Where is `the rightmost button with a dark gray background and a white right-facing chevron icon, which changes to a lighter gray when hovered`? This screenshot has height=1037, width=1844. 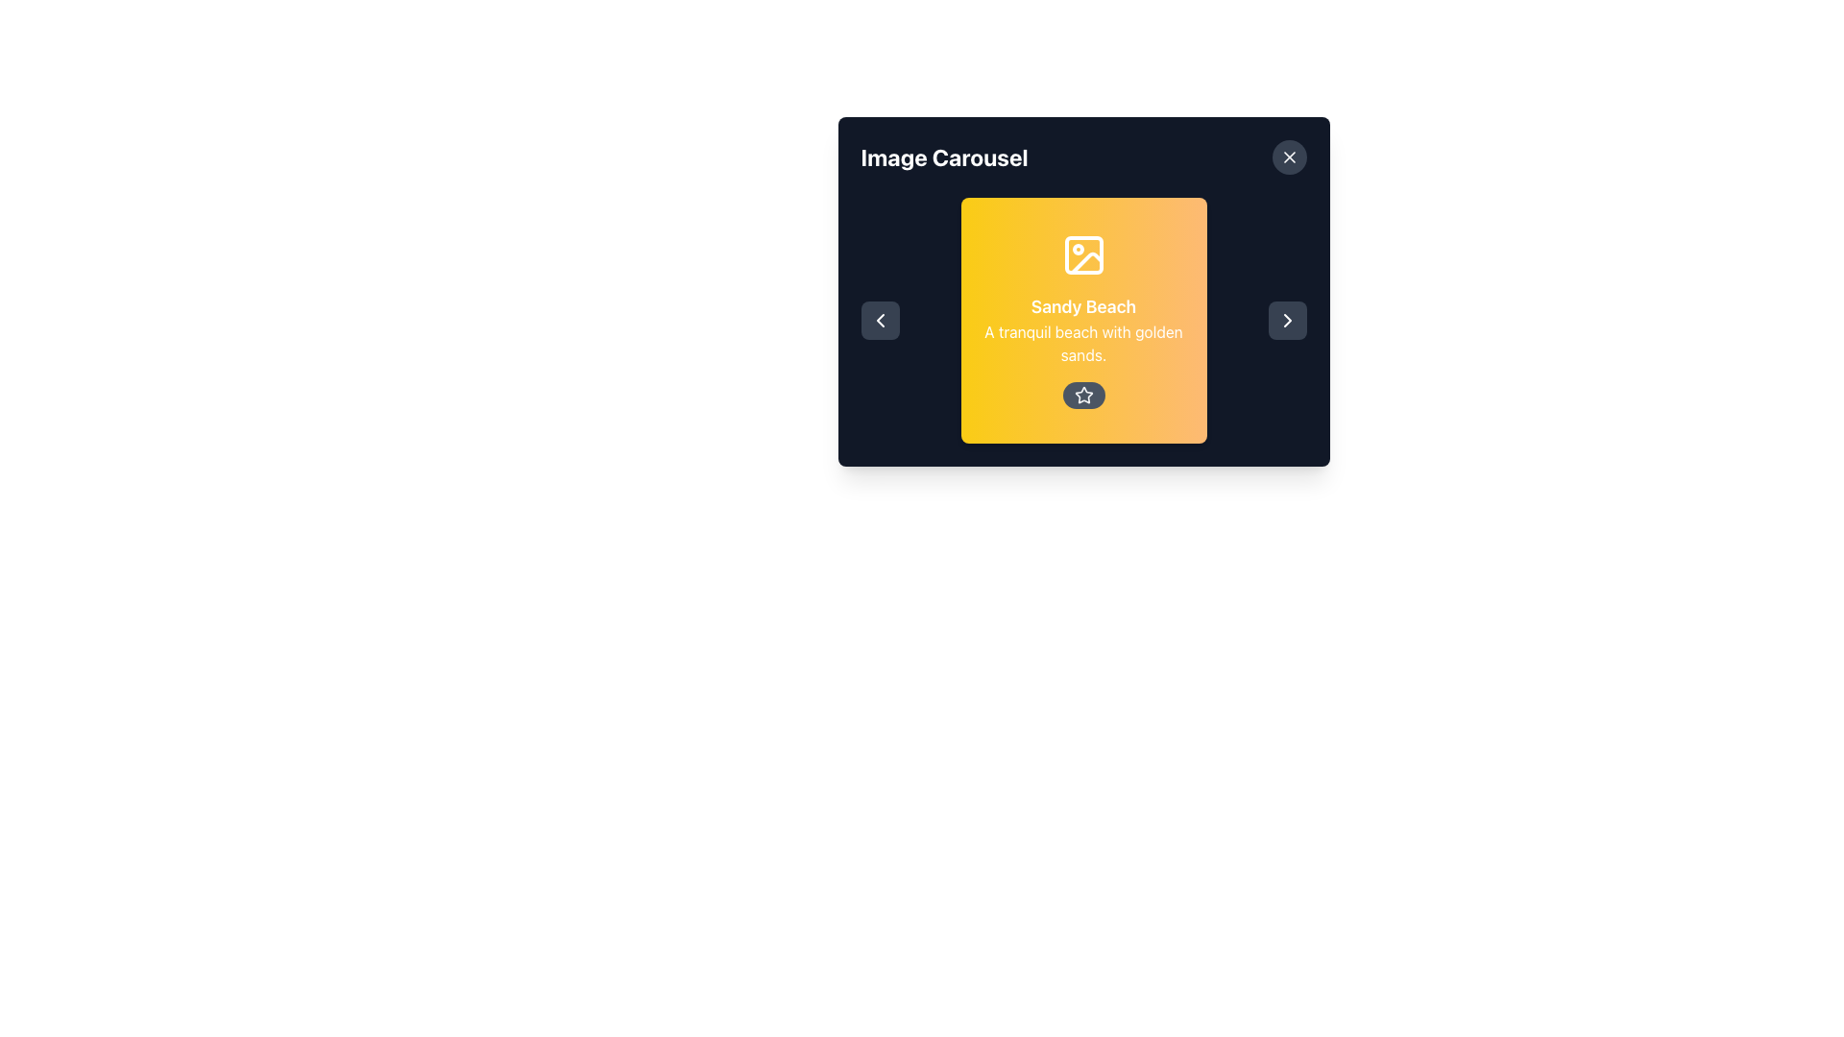 the rightmost button with a dark gray background and a white right-facing chevron icon, which changes to a lighter gray when hovered is located at coordinates (1287, 320).